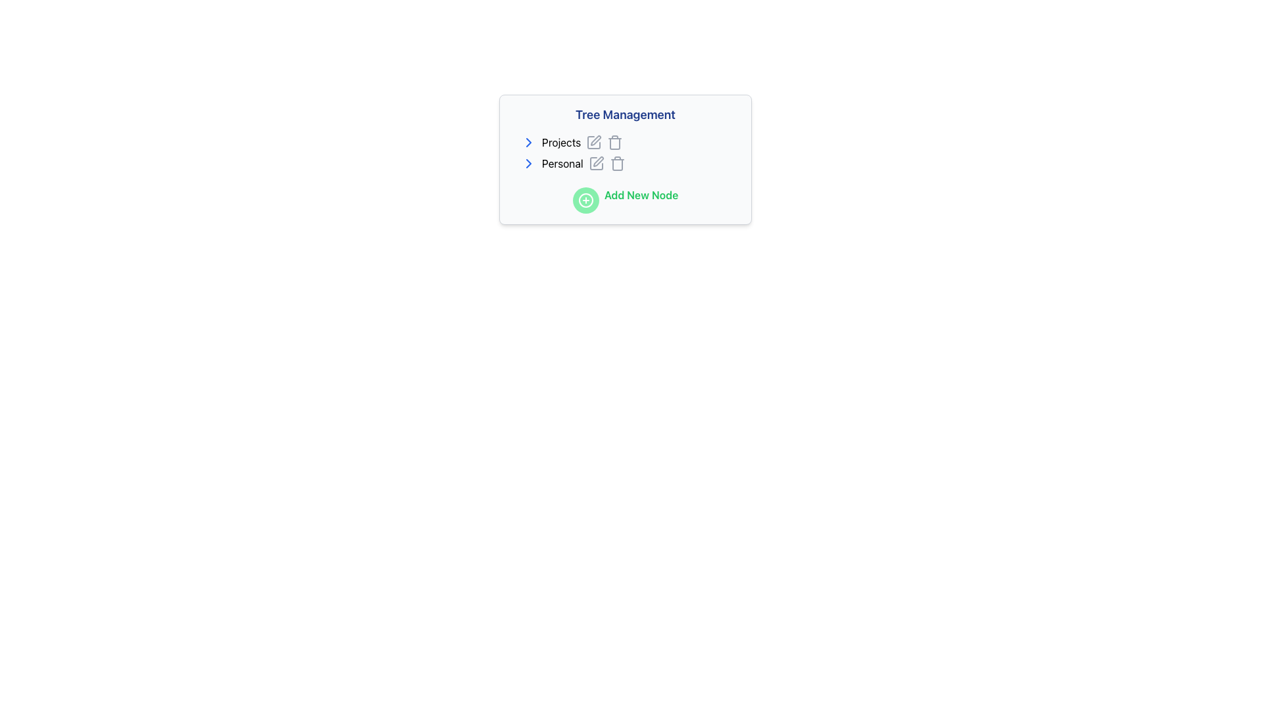 Image resolution: width=1263 pixels, height=710 pixels. I want to click on the text label that describes the action associated with the adjacent button or icon, which is located to the right of the icon, so click(641, 200).